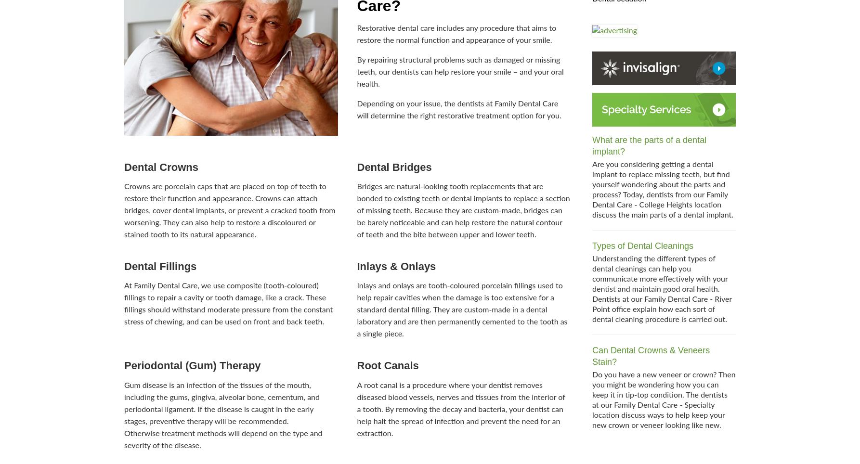  What do you see at coordinates (395, 266) in the screenshot?
I see `'Inlays & Onlays'` at bounding box center [395, 266].